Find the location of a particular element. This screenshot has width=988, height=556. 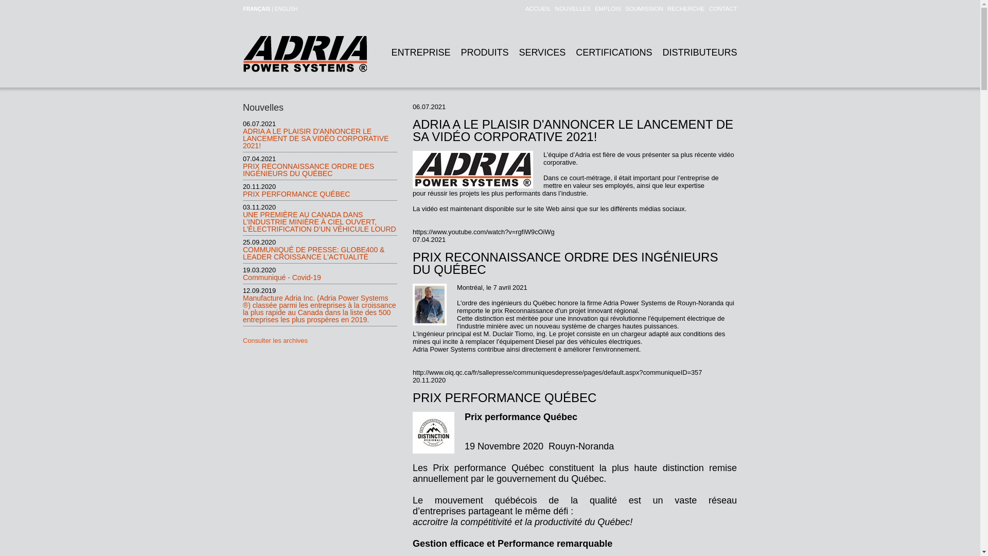

'NOUVELLES' is located at coordinates (570, 8).